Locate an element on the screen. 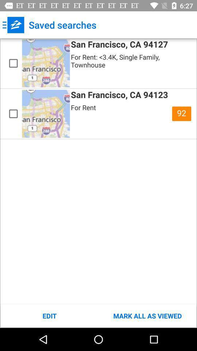 The width and height of the screenshot is (197, 351). boutton you tick or untick to select is located at coordinates (13, 114).